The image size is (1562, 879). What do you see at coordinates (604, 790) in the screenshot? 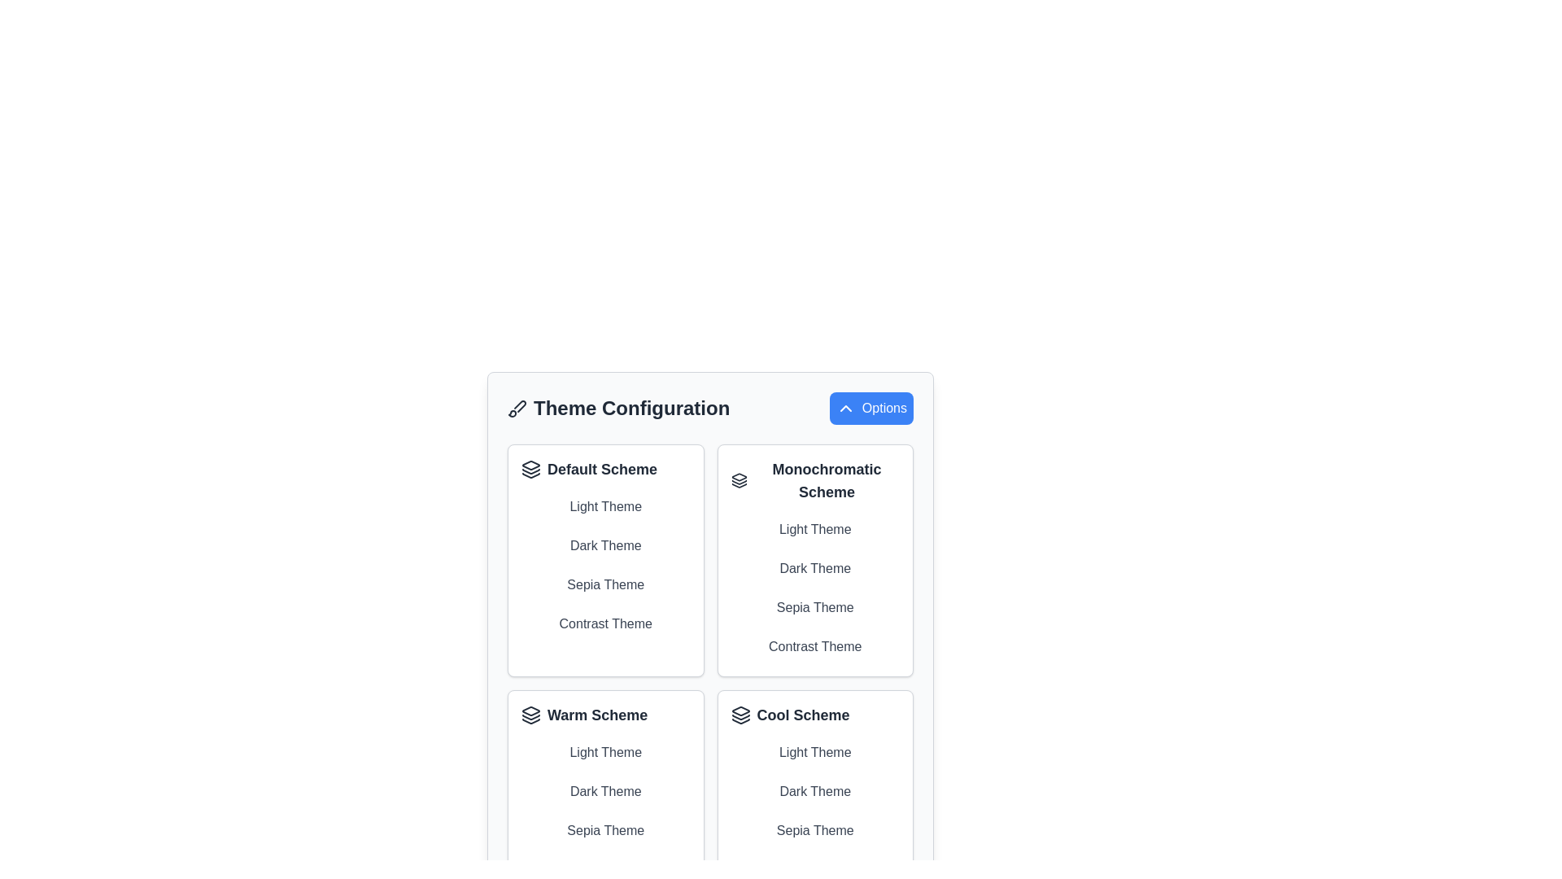
I see `the 'Dark Theme' option in the vertical list of selectable themes` at bounding box center [604, 790].